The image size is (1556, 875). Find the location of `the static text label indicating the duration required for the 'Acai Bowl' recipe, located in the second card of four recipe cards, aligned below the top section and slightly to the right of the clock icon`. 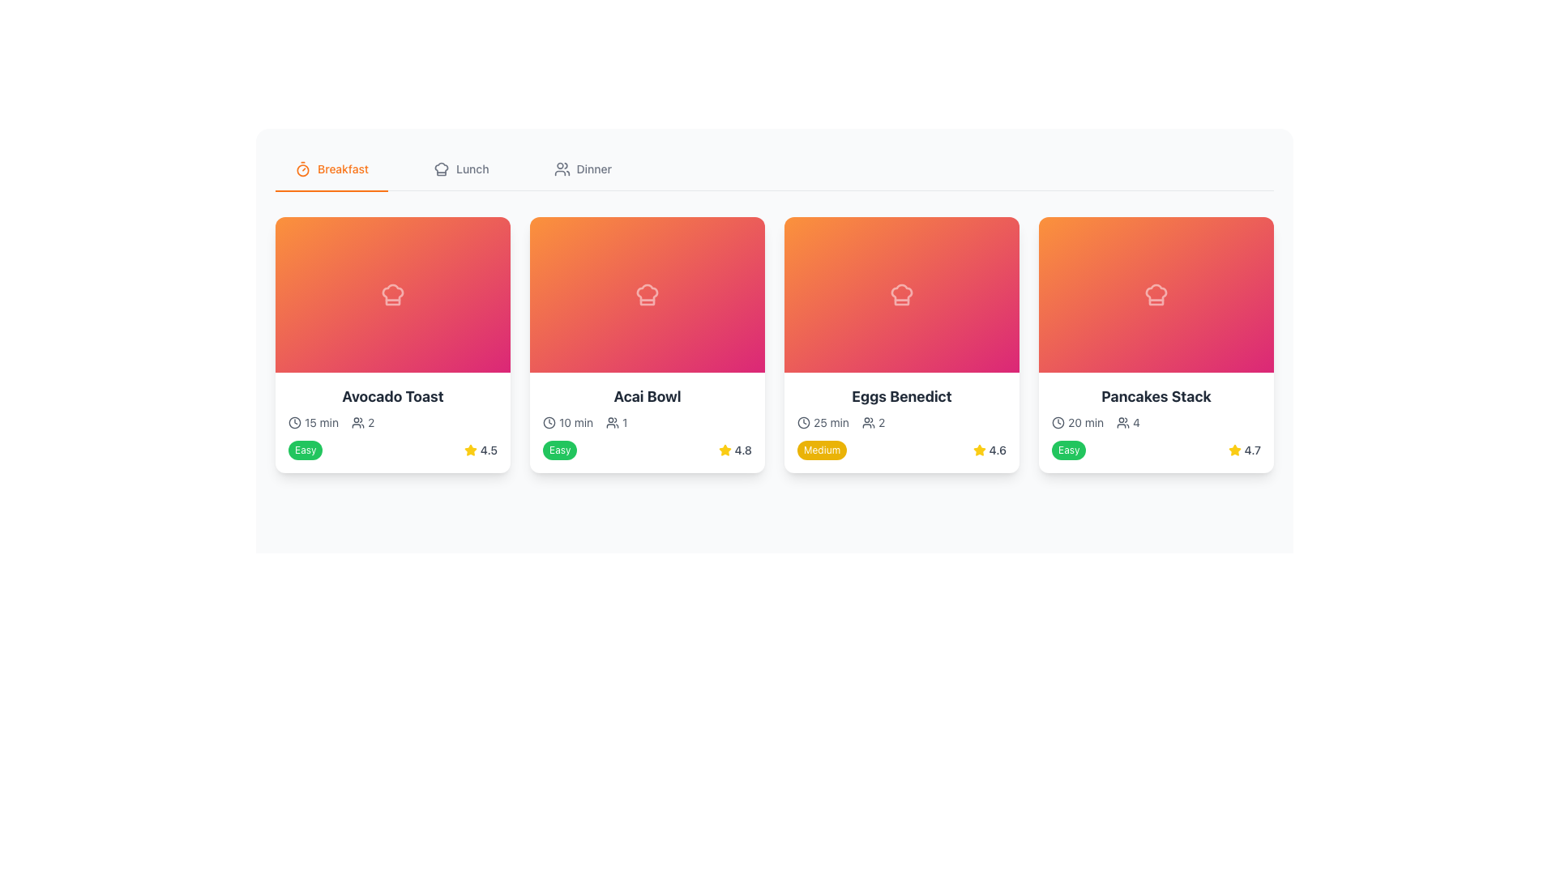

the static text label indicating the duration required for the 'Acai Bowl' recipe, located in the second card of four recipe cards, aligned below the top section and slightly to the right of the clock icon is located at coordinates (576, 421).